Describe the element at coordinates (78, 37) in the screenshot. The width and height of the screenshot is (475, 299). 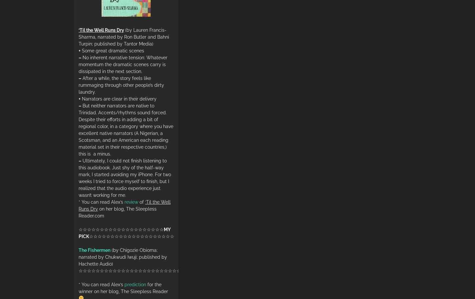
I see `'(by Lauren Francis-Sharma, narrated by Ron Butler and Bahni Turpin; published by Tantor Media)'` at that location.